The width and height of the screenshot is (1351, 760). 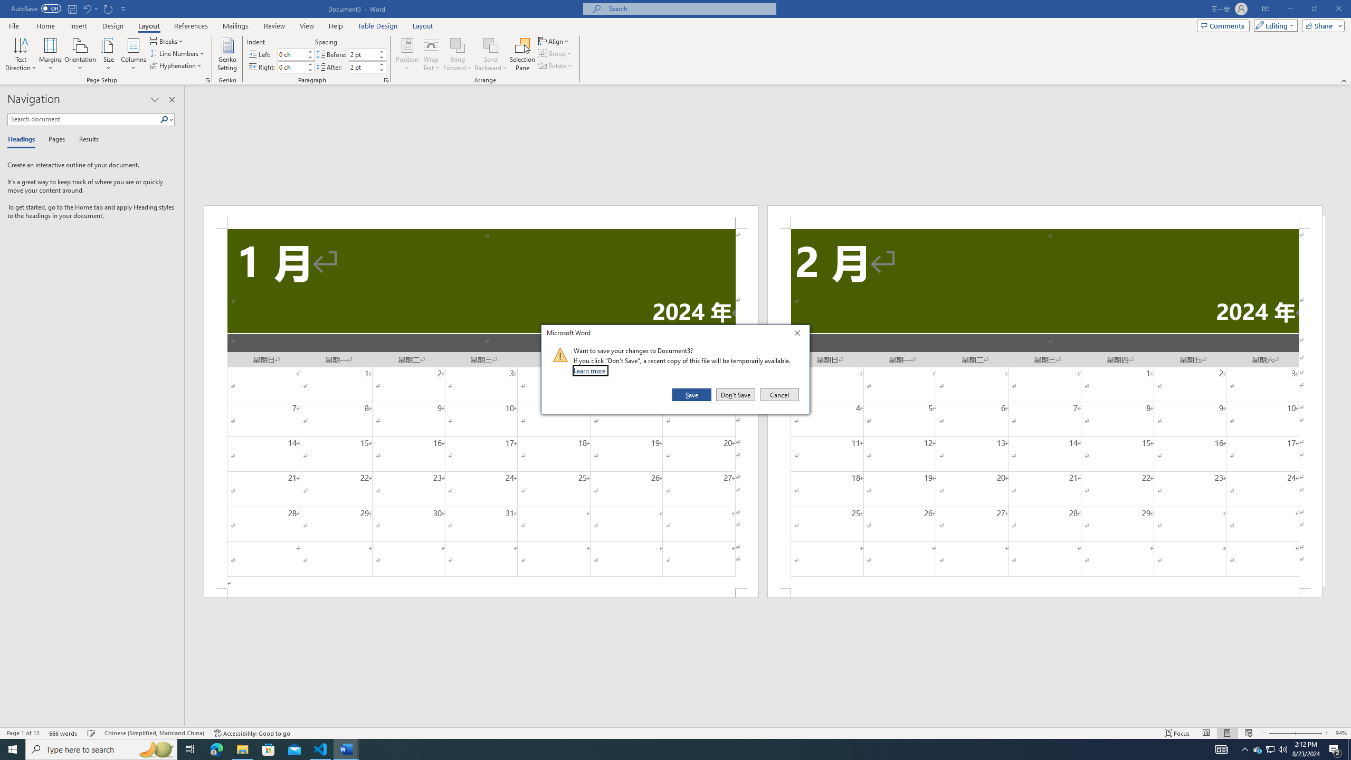 What do you see at coordinates (778, 394) in the screenshot?
I see `'Cancel'` at bounding box center [778, 394].